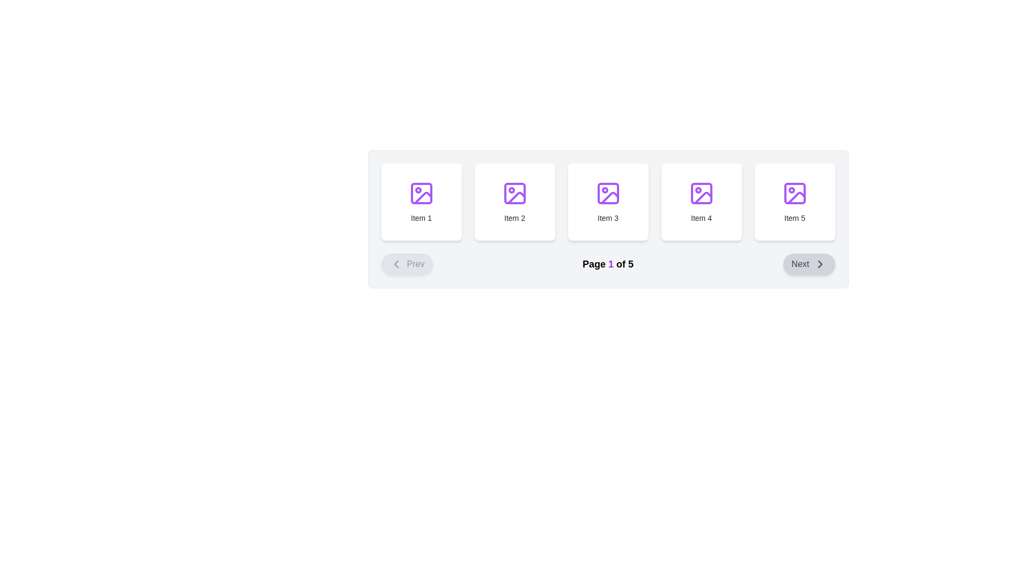 The image size is (1030, 579). Describe the element at coordinates (794, 218) in the screenshot. I see `the text label displaying 'Item 5', which is styled in a small gray font and located at the bottom-center of the fifth card in a horizontally arranged group of cards` at that location.